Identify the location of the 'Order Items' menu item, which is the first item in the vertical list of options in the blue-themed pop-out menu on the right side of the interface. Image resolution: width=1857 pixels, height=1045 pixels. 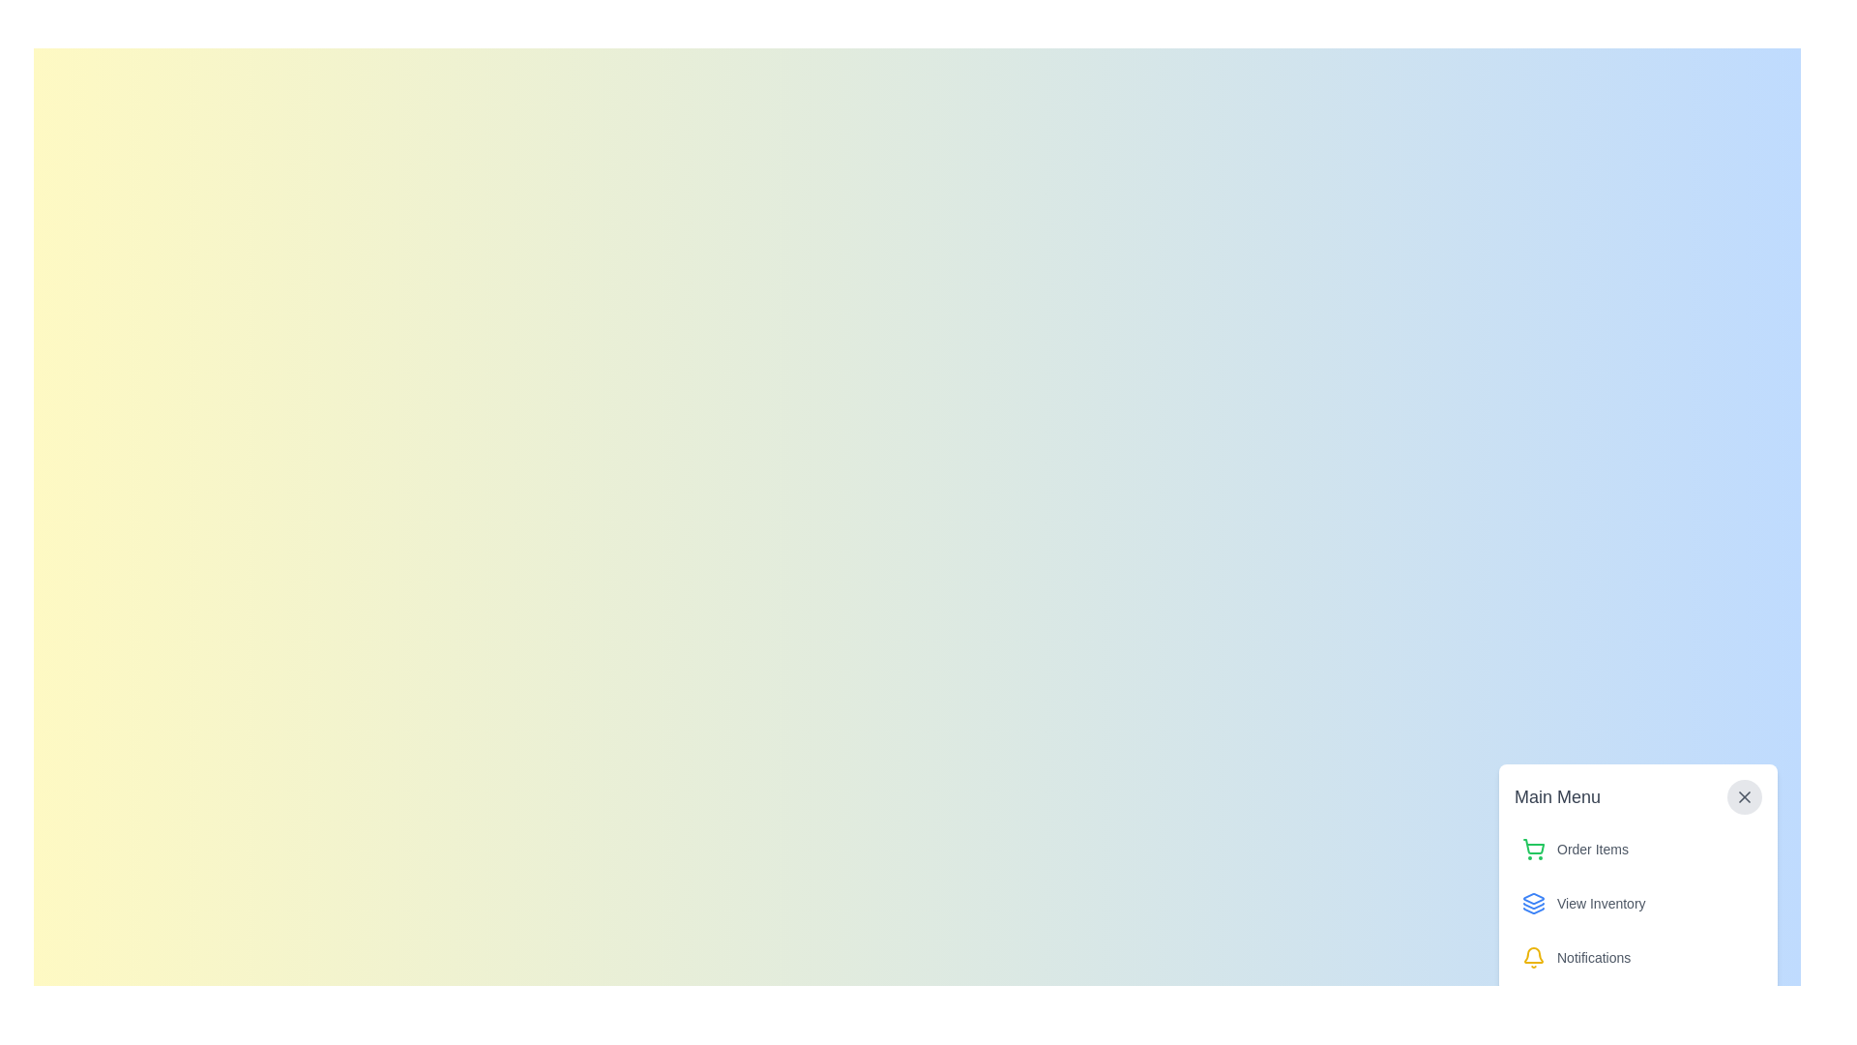
(1637, 849).